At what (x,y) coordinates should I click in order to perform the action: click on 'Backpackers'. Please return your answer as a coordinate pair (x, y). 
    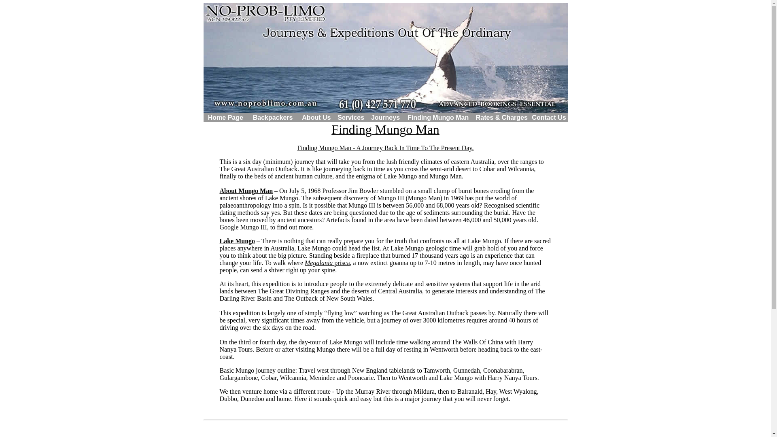
    Looking at the image, I should click on (273, 117).